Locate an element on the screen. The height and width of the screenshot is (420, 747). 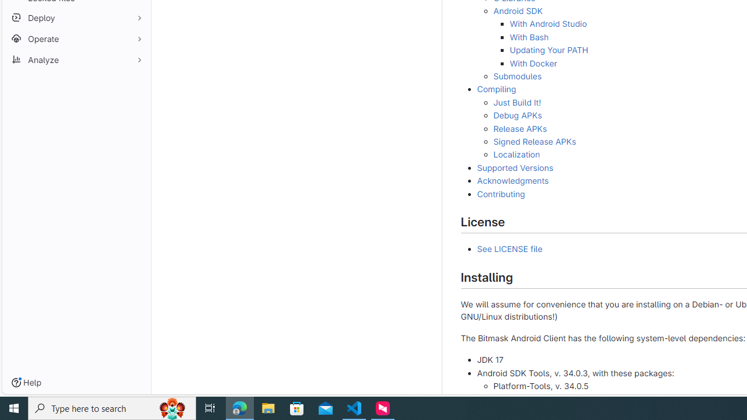
'With Docker' is located at coordinates (532, 63).